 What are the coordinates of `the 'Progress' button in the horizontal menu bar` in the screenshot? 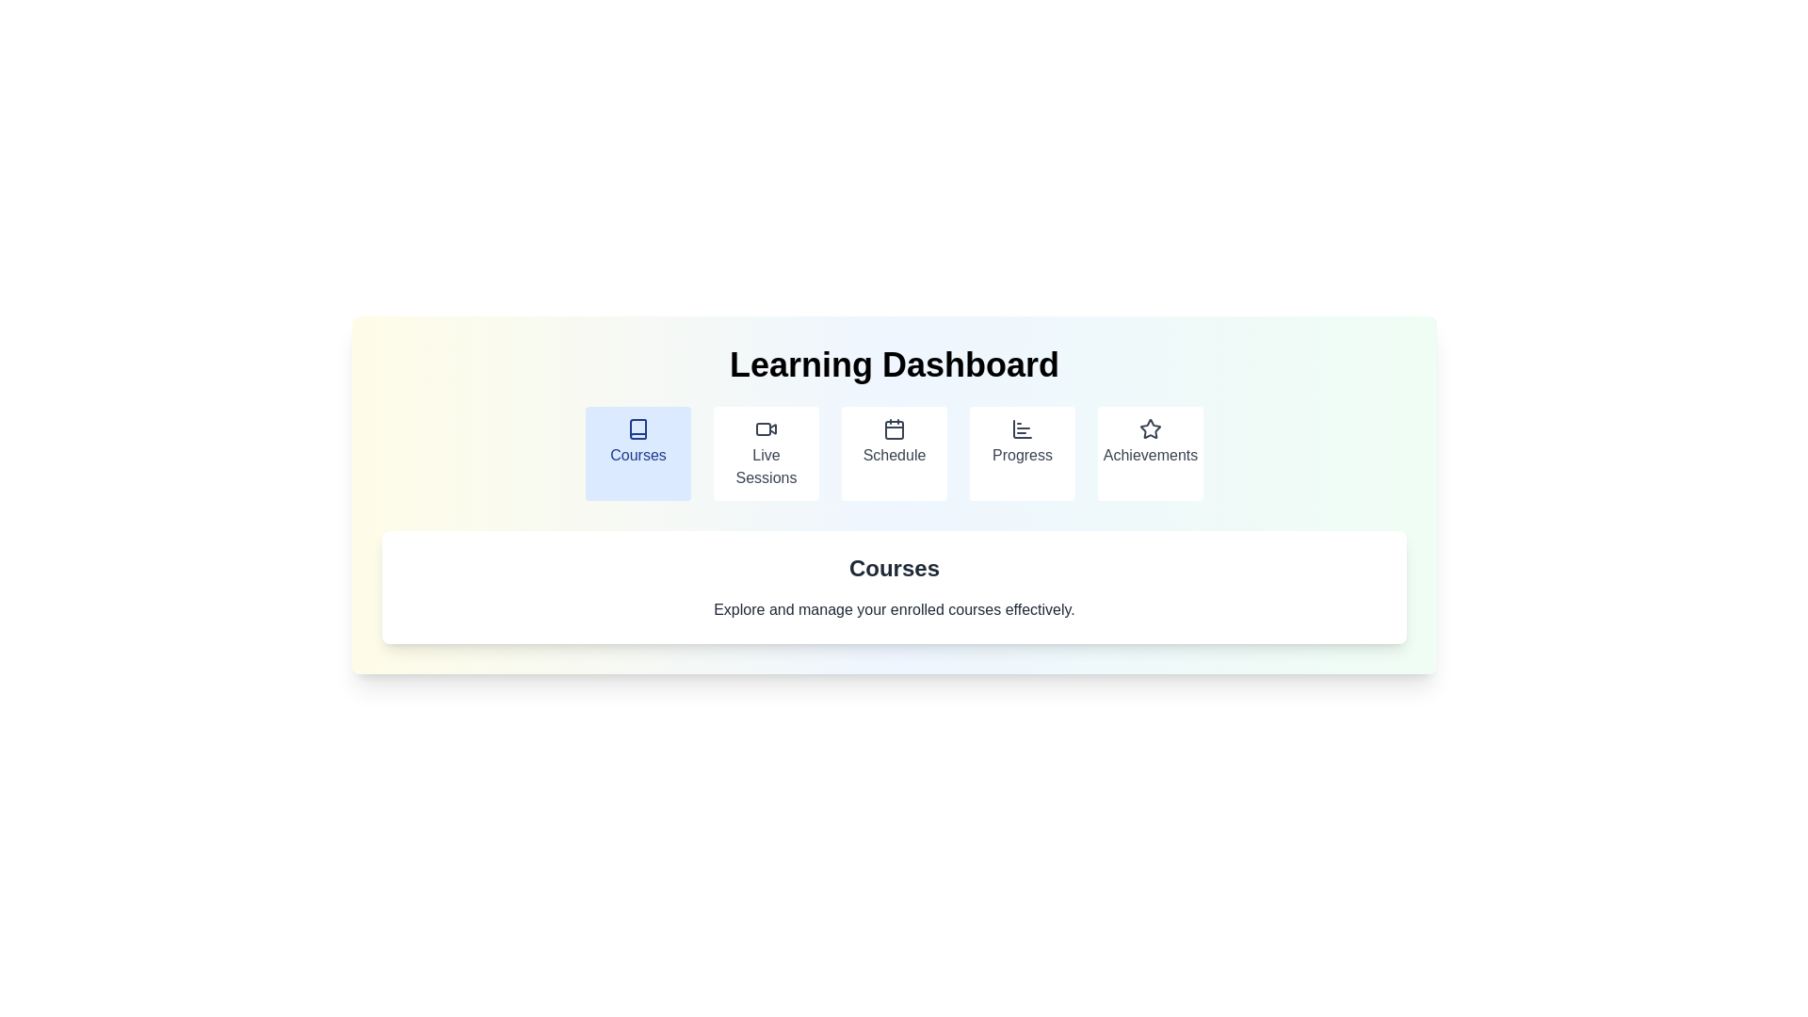 It's located at (1021, 454).